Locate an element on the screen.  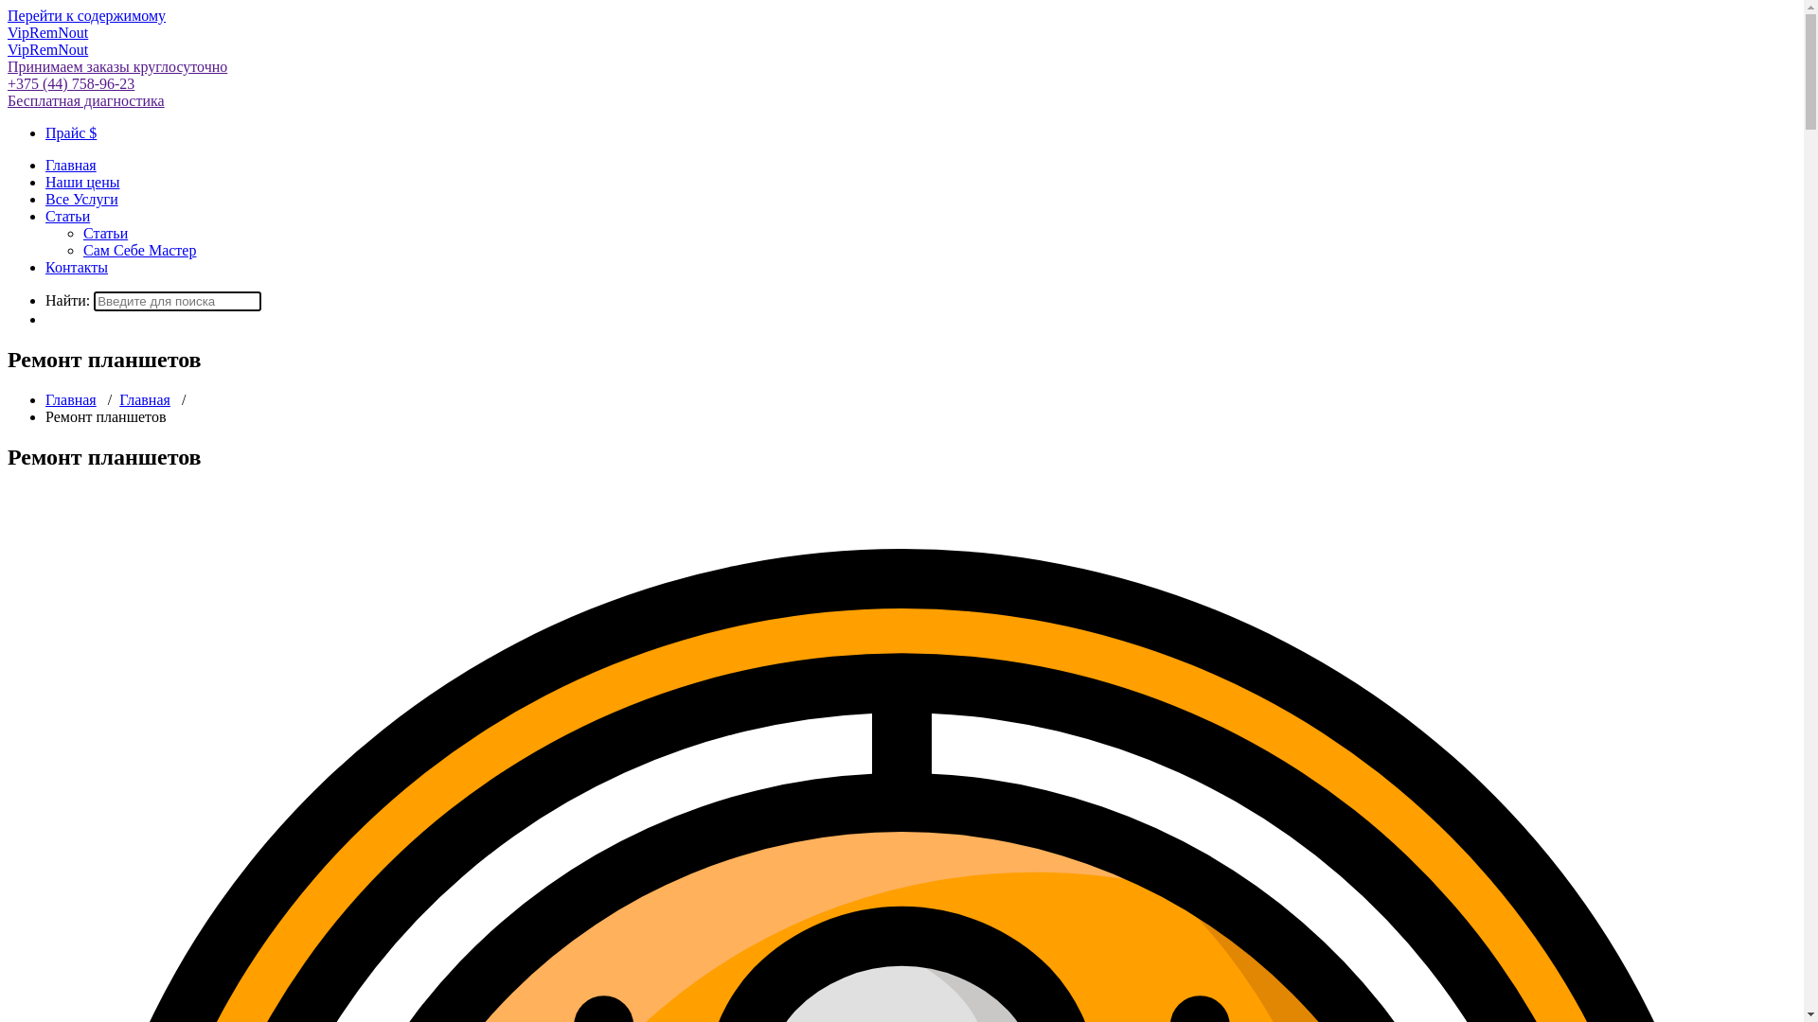
'VipRemNout' is located at coordinates (47, 48).